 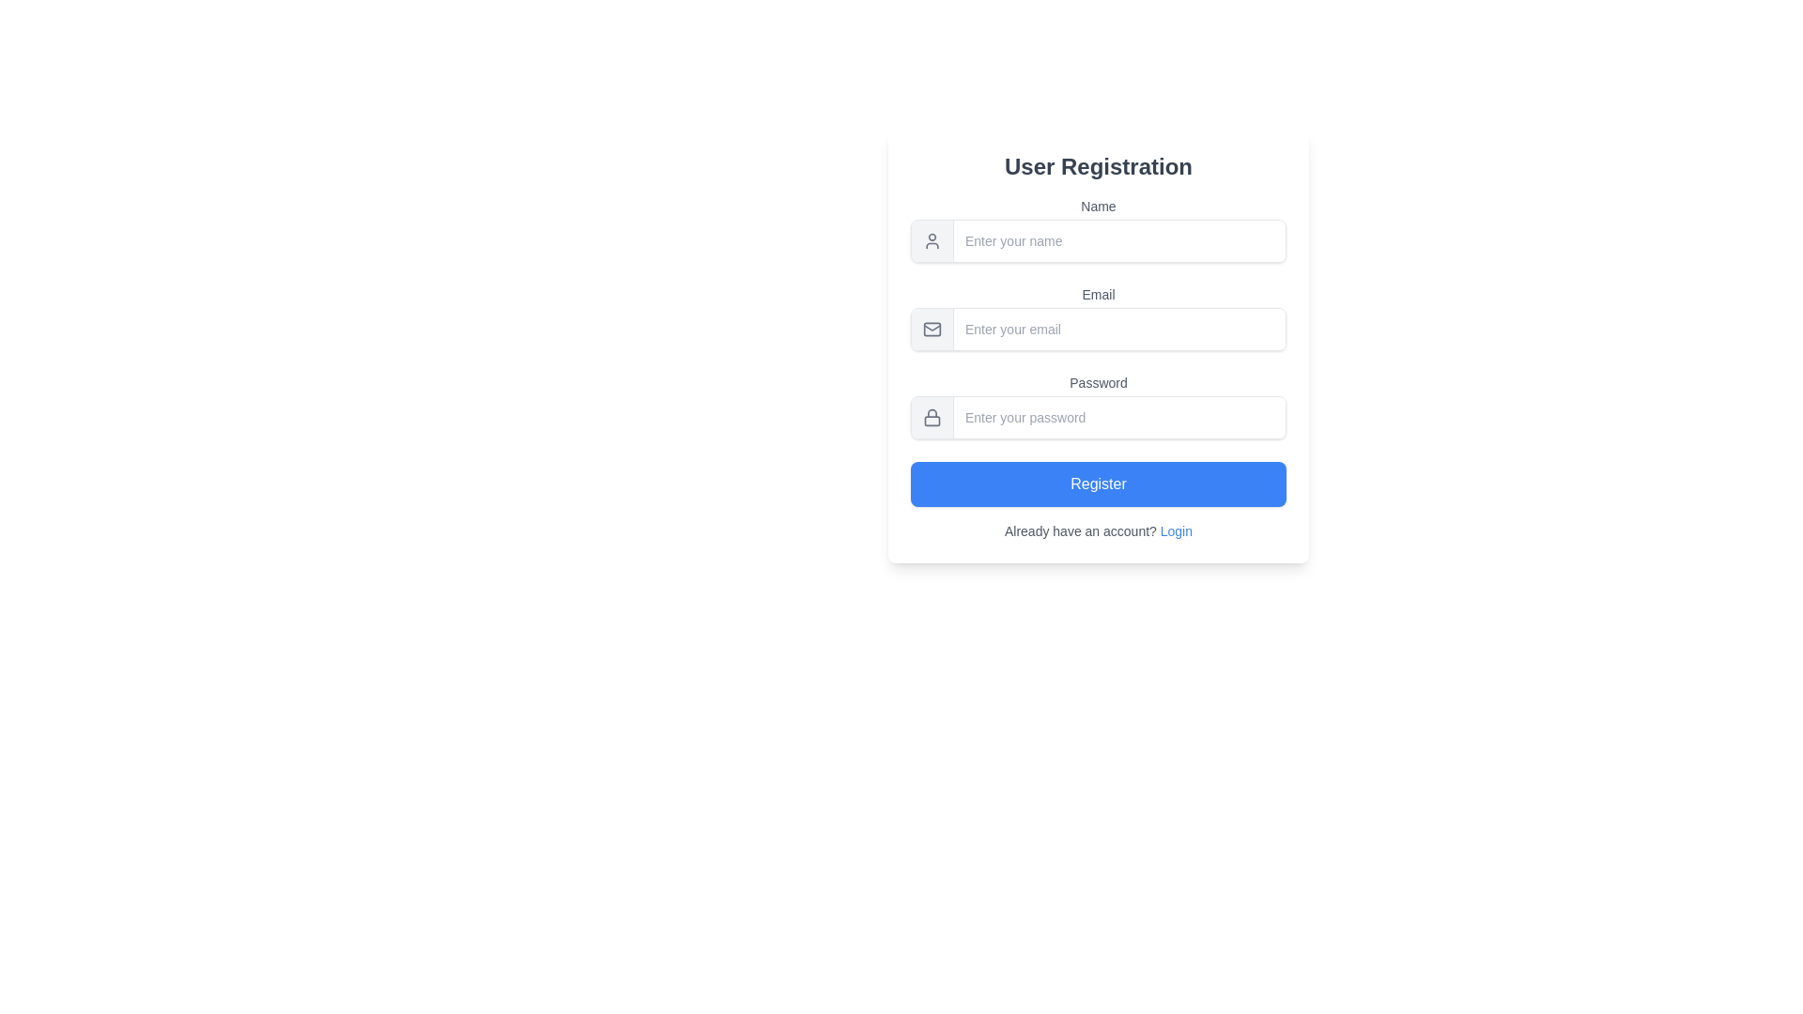 I want to click on the Decorative SVG rectangle component that is part of the envelope icon next to the email input field, so click(x=932, y=329).